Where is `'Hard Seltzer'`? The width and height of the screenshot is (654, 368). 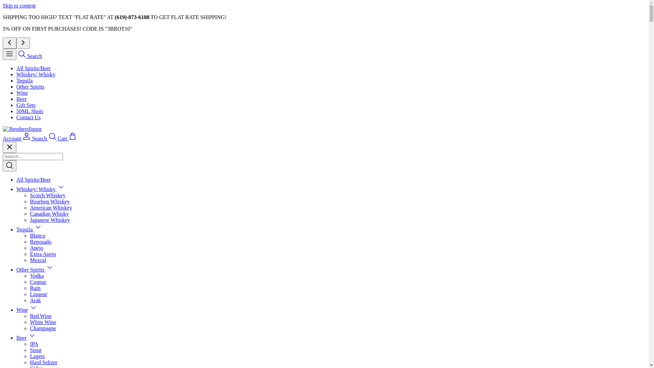
'Hard Seltzer' is located at coordinates (43, 362).